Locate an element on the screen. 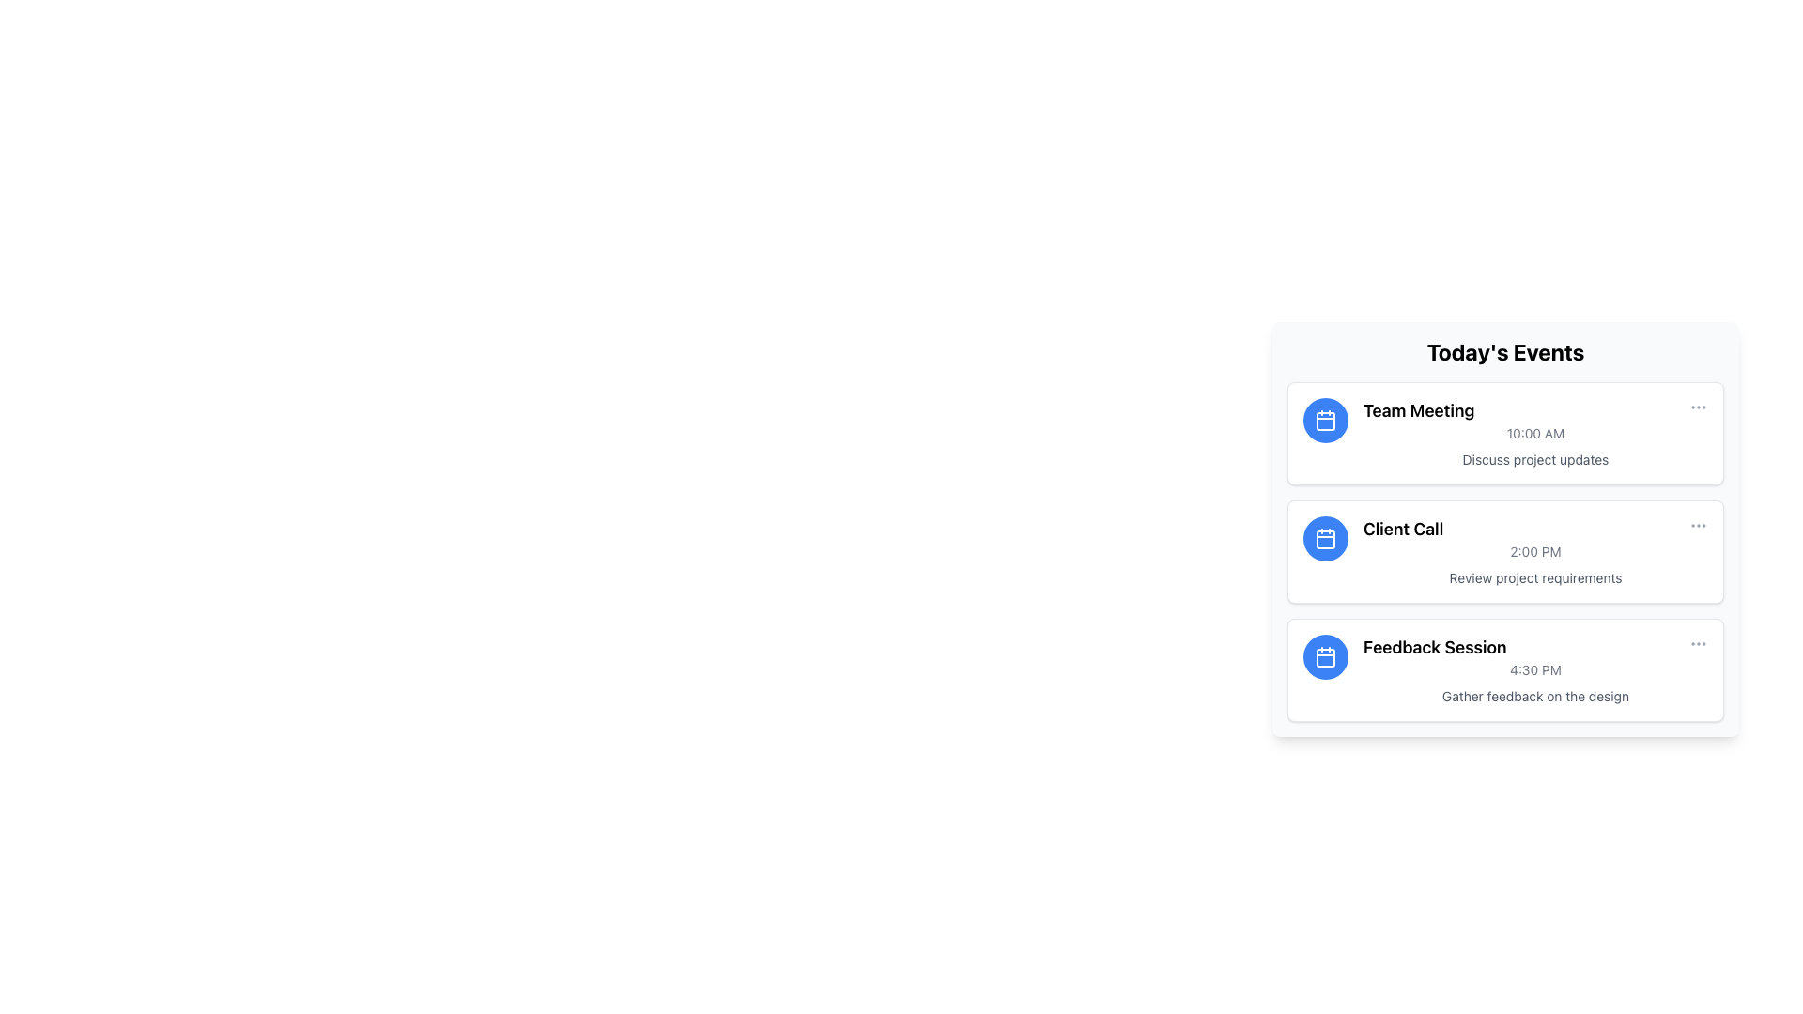 The height and width of the screenshot is (1014, 1803). the central rectangle of the calendar icon within the event card titled 'Team Meeting' is located at coordinates (1324, 420).